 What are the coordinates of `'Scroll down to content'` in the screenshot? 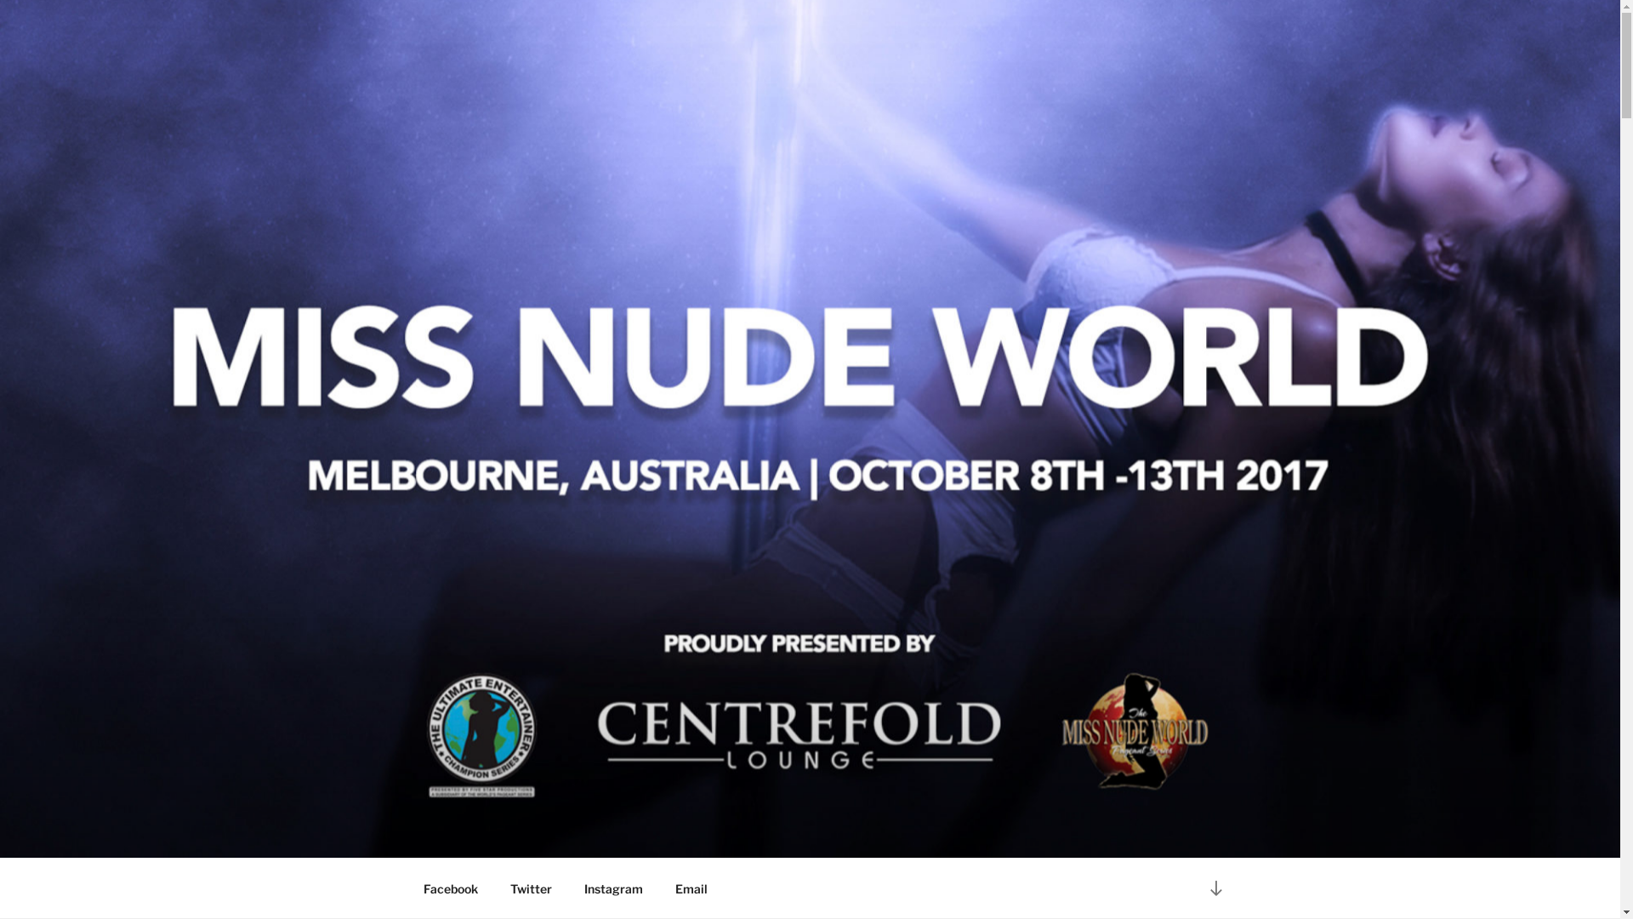 It's located at (1215, 887).